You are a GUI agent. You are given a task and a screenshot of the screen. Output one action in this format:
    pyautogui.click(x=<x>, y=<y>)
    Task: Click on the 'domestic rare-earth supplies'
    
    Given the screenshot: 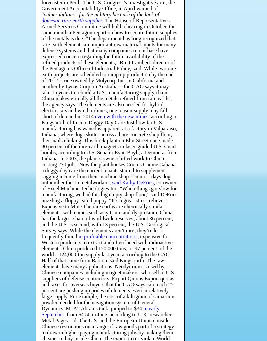 What is the action you would take?
    pyautogui.click(x=72, y=20)
    